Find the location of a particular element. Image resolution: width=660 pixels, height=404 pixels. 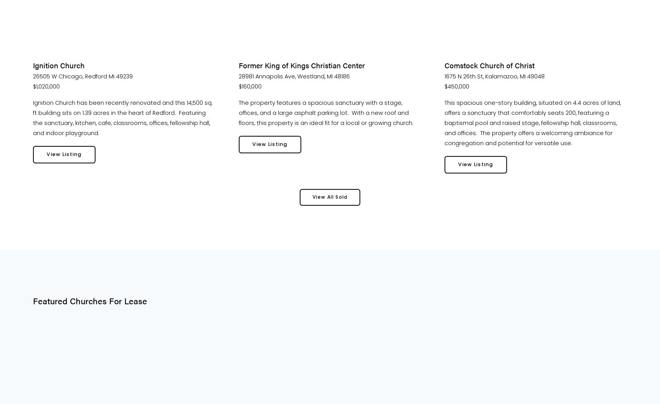

'$450,000' is located at coordinates (457, 86).